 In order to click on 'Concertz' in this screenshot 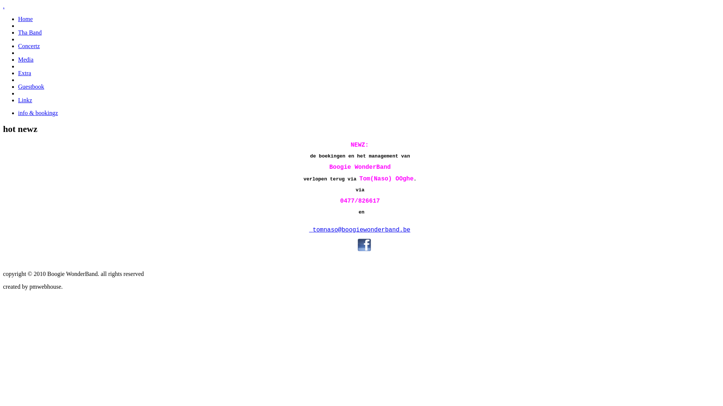, I will do `click(18, 46)`.